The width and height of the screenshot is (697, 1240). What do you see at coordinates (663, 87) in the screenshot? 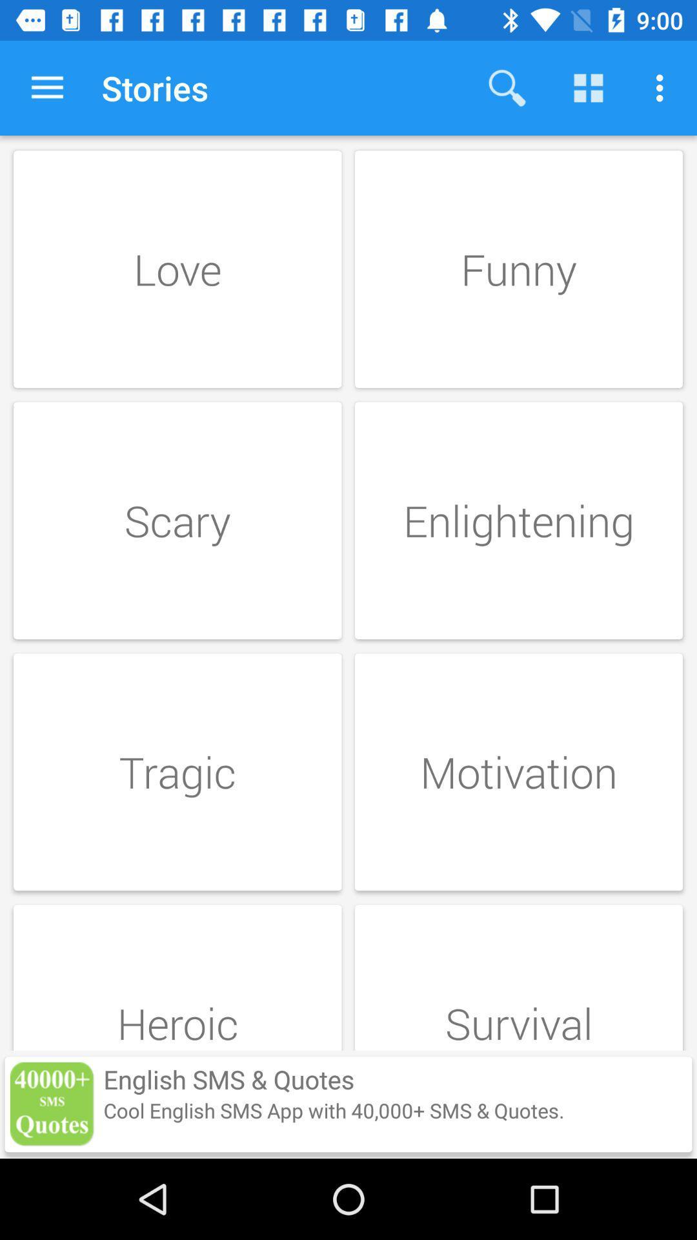
I see `icon above the funny` at bounding box center [663, 87].